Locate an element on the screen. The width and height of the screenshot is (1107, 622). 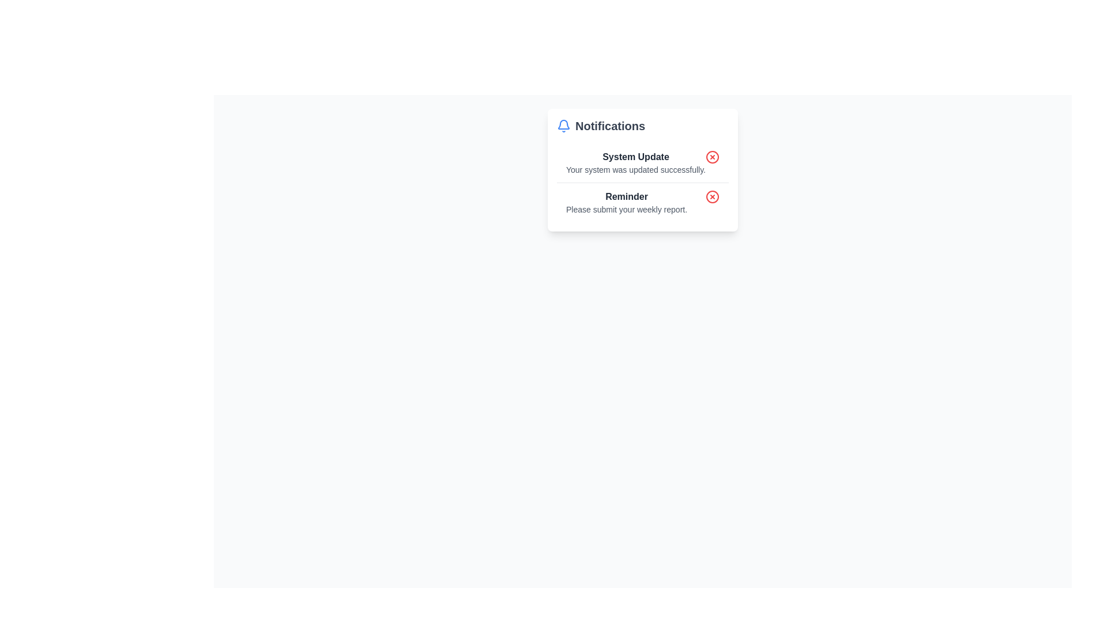
the blue bell icon located to the left of the 'Notifications' label in the notifications section header is located at coordinates (564, 126).